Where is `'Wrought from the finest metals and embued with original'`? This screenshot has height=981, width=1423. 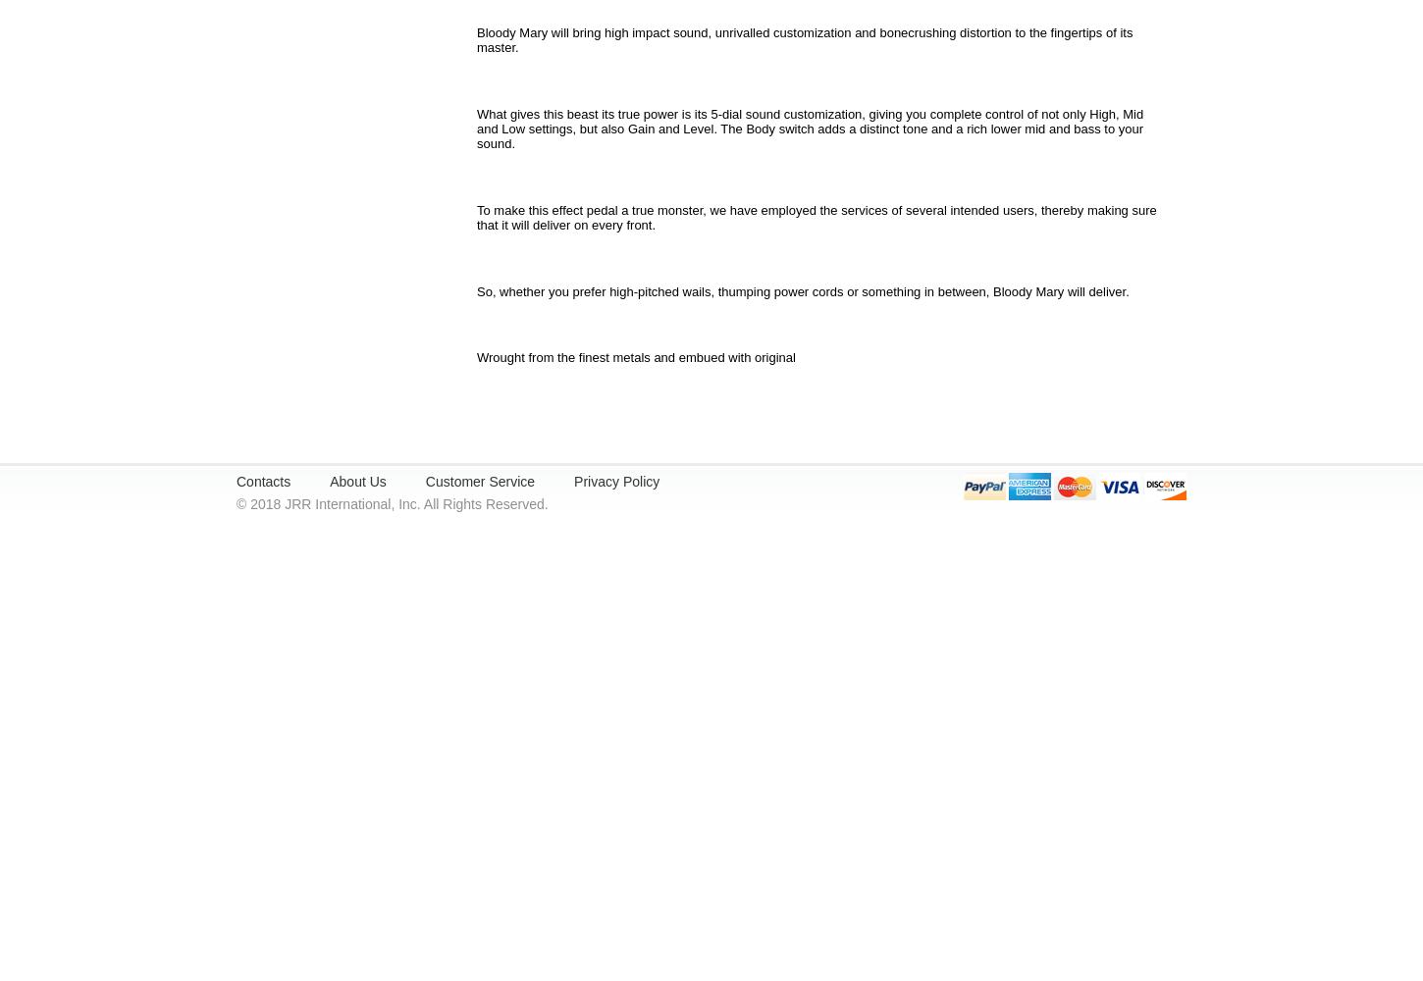 'Wrought from the finest metals and embued with original' is located at coordinates (635, 356).